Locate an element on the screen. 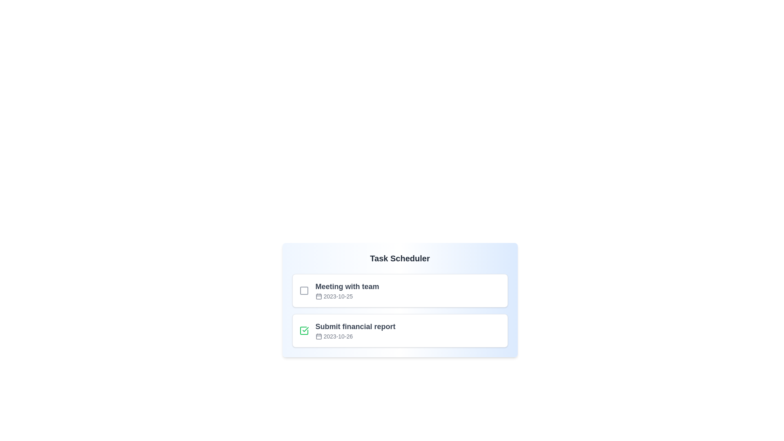  the decorative calendar icon component located to the left of the date label '2023-10-26' in the second item 'Submit financial report' is located at coordinates (318, 336).